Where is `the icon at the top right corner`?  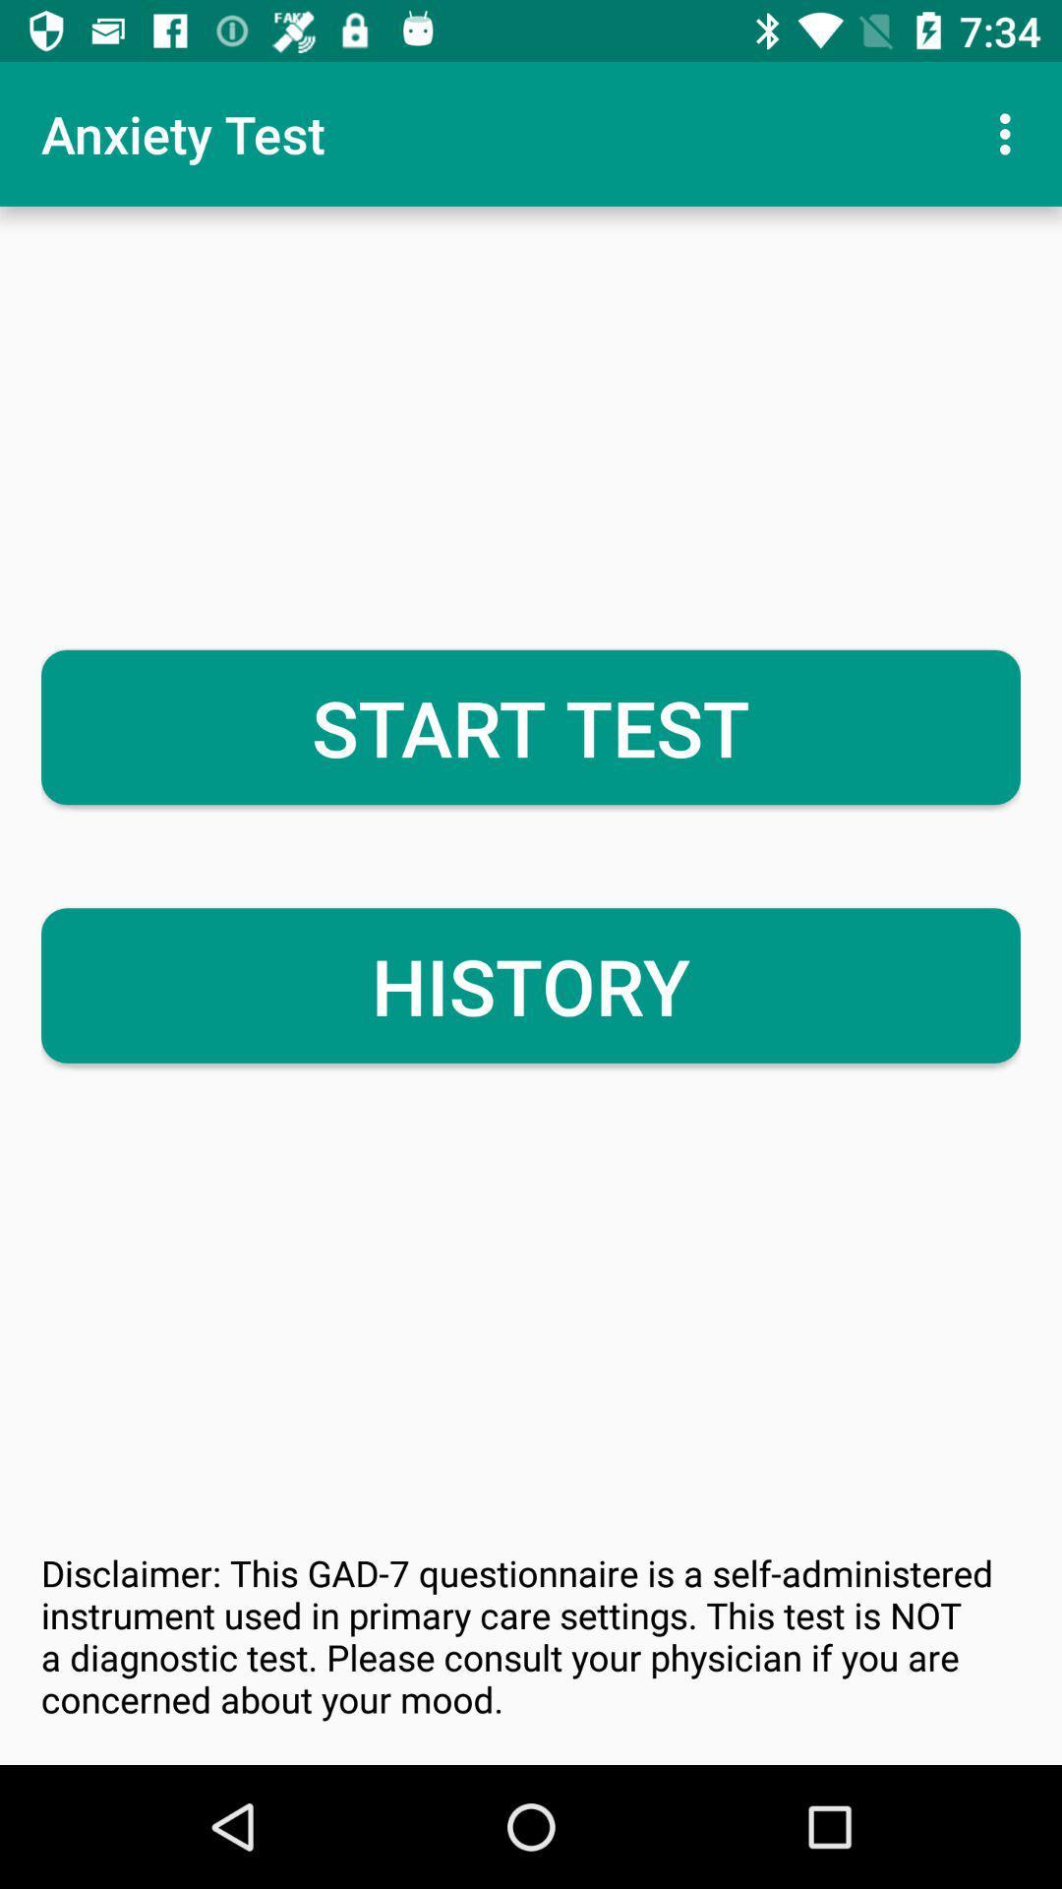 the icon at the top right corner is located at coordinates (1010, 133).